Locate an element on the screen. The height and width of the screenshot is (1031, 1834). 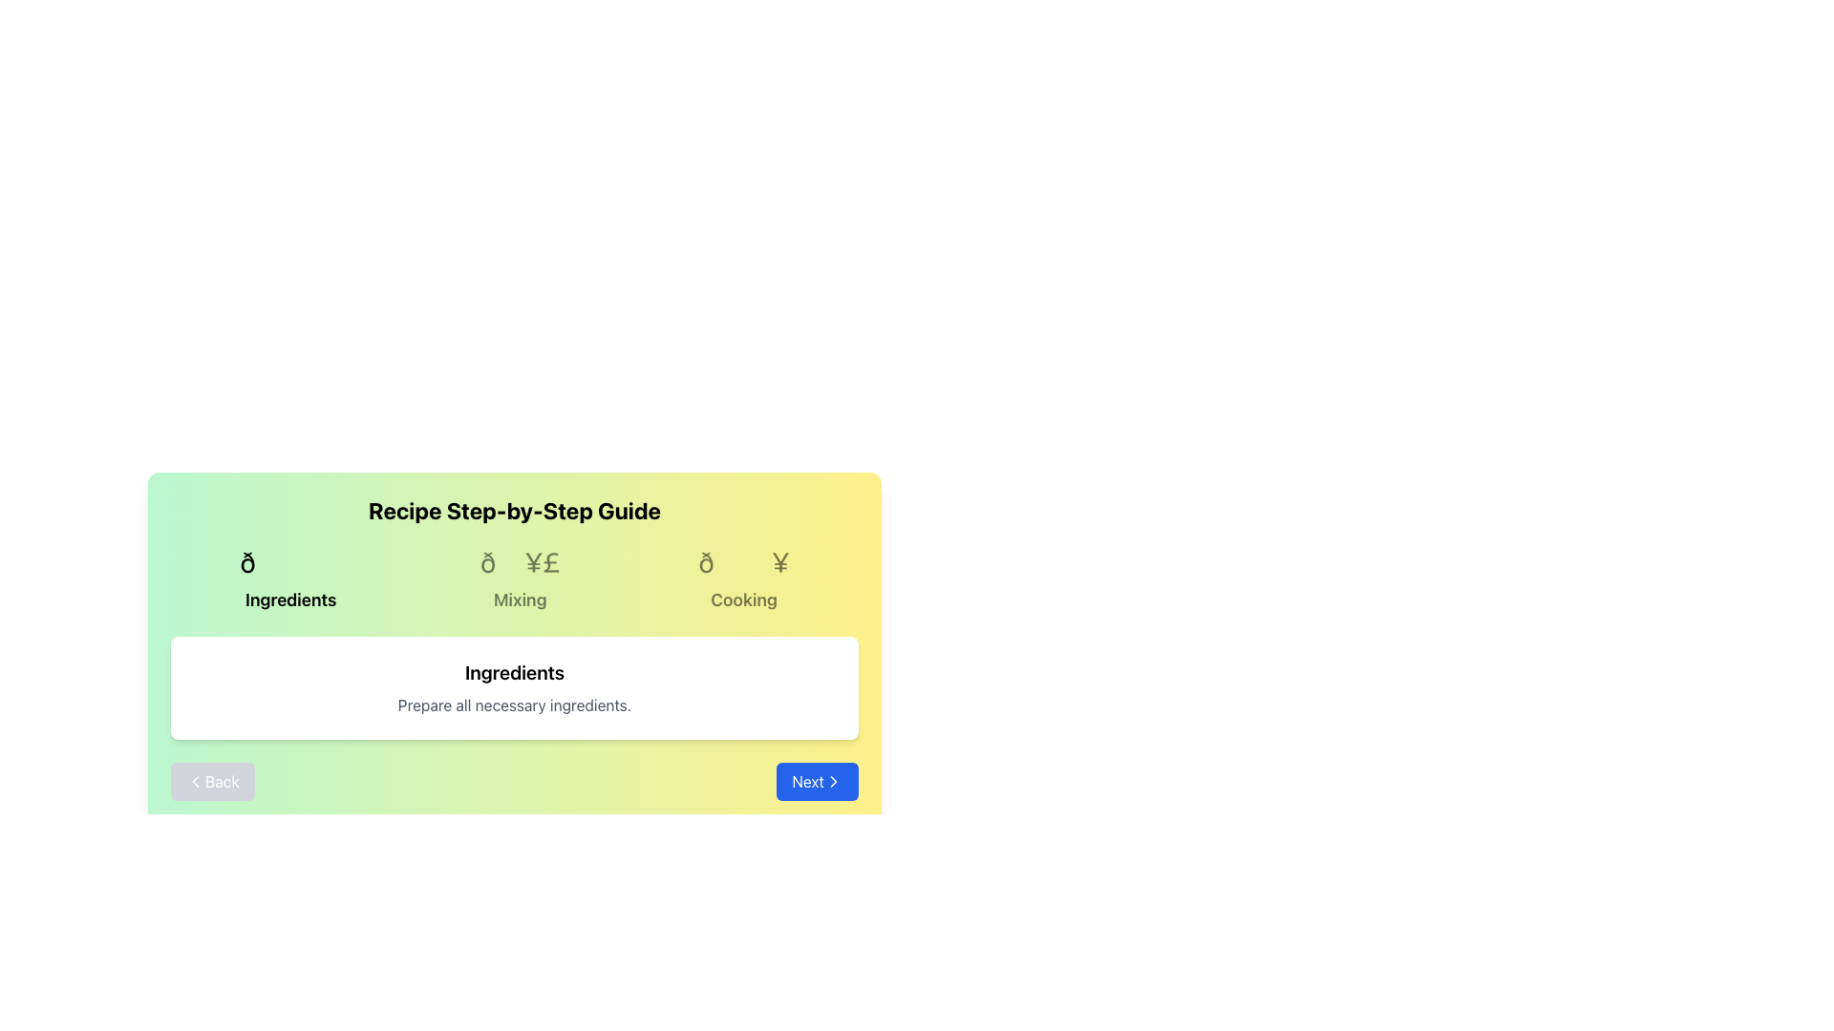
details about the 'Mixing' text label with emoji (🍞), which is centrally positioned among similar elements in a horizontal arrangement is located at coordinates (520, 578).